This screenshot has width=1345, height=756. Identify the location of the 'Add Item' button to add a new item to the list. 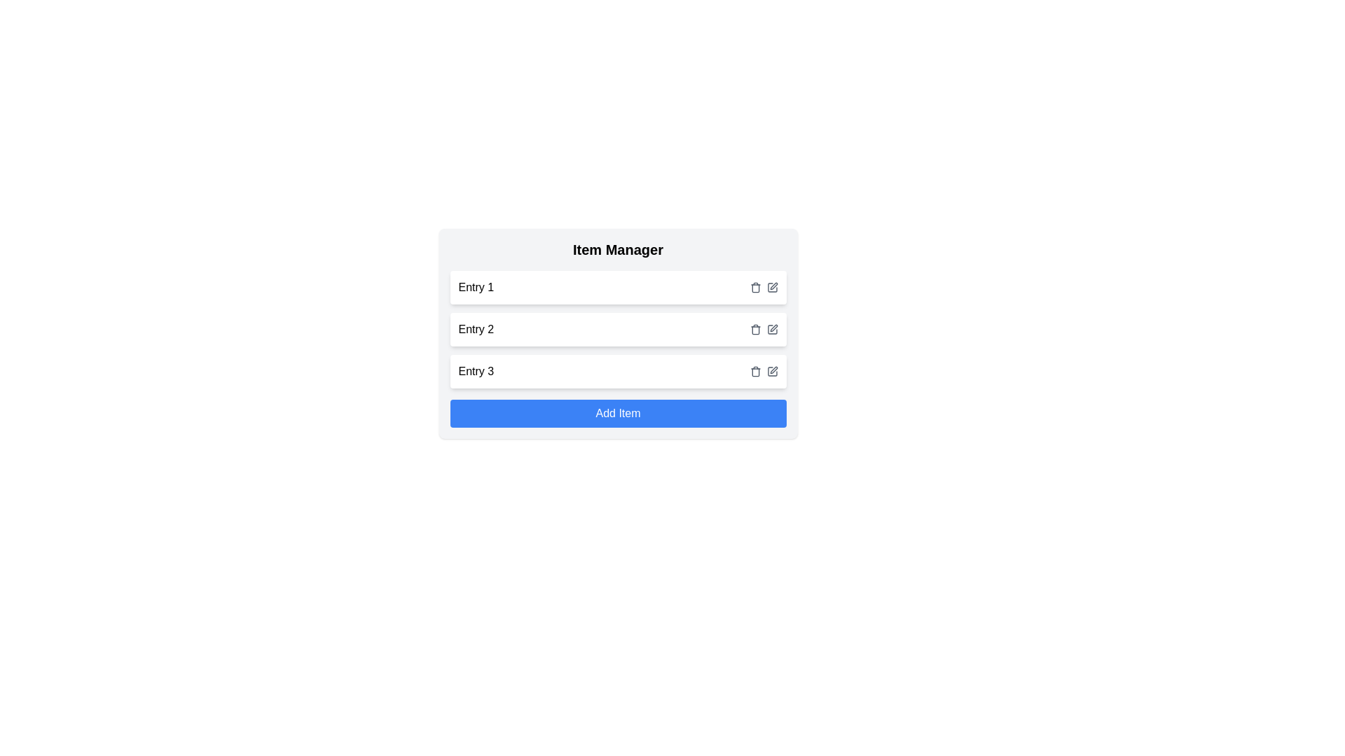
(617, 412).